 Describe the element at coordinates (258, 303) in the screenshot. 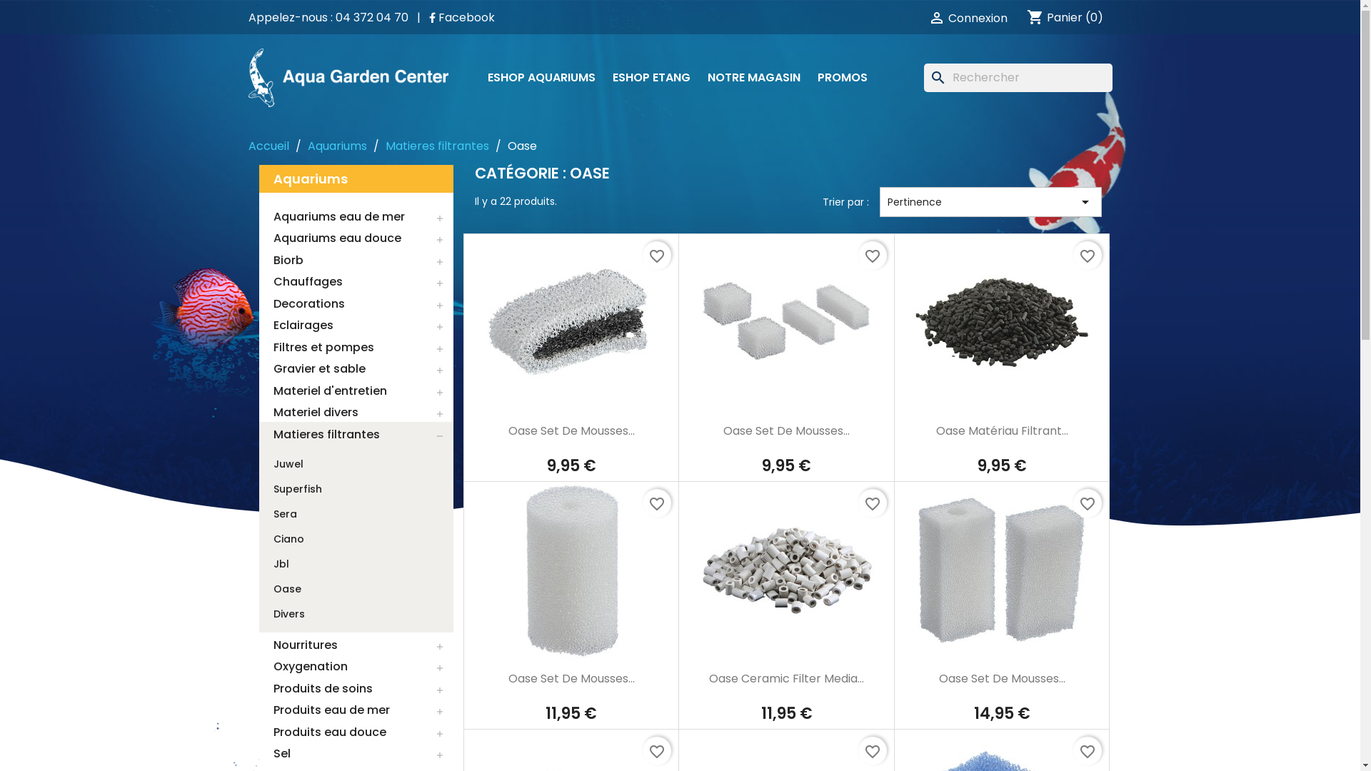

I see `'Decorations'` at that location.